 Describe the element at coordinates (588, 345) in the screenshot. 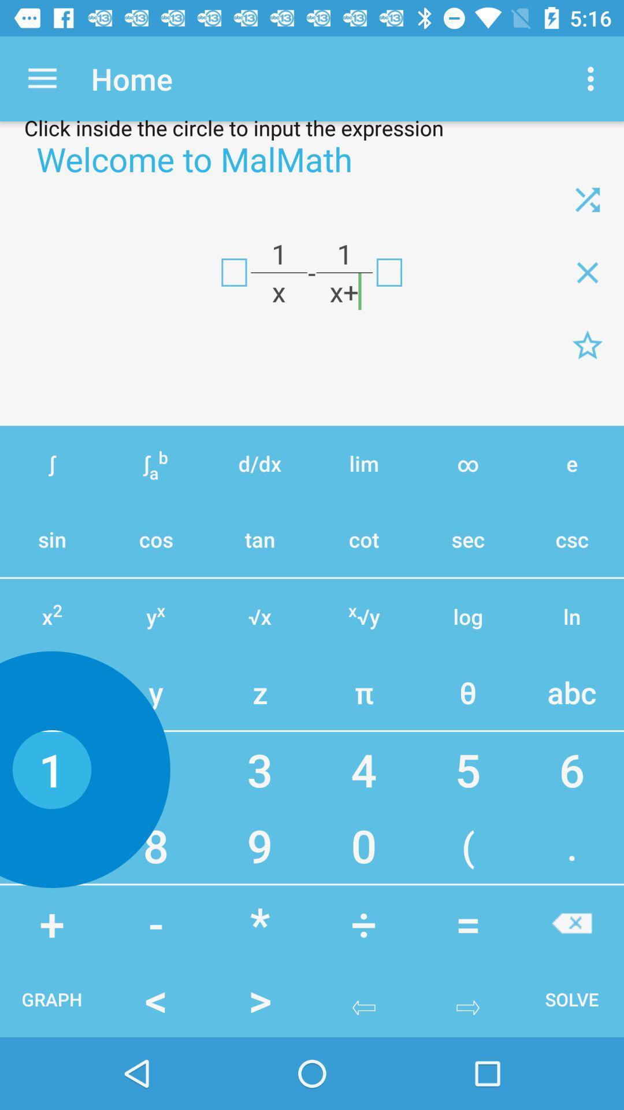

I see `formula page` at that location.